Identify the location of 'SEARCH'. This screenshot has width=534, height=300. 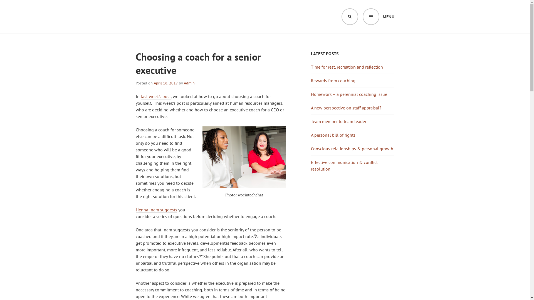
(341, 16).